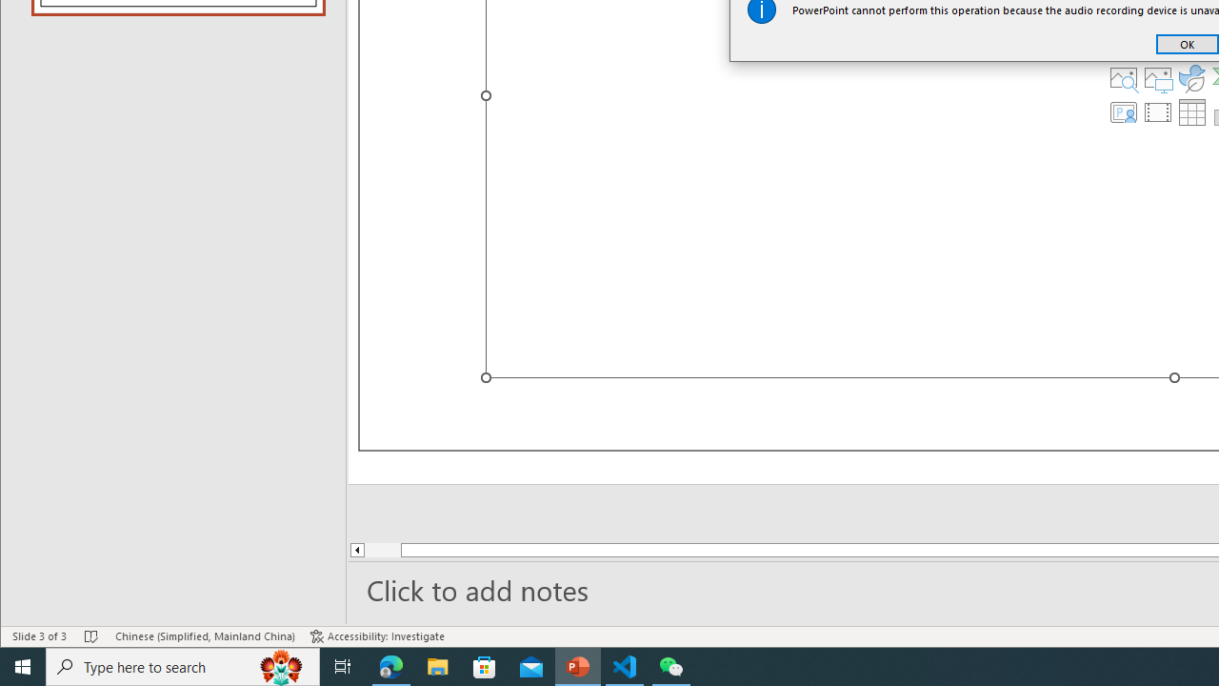 This screenshot has width=1219, height=686. Describe the element at coordinates (1123, 112) in the screenshot. I see `'Insert Cameo'` at that location.